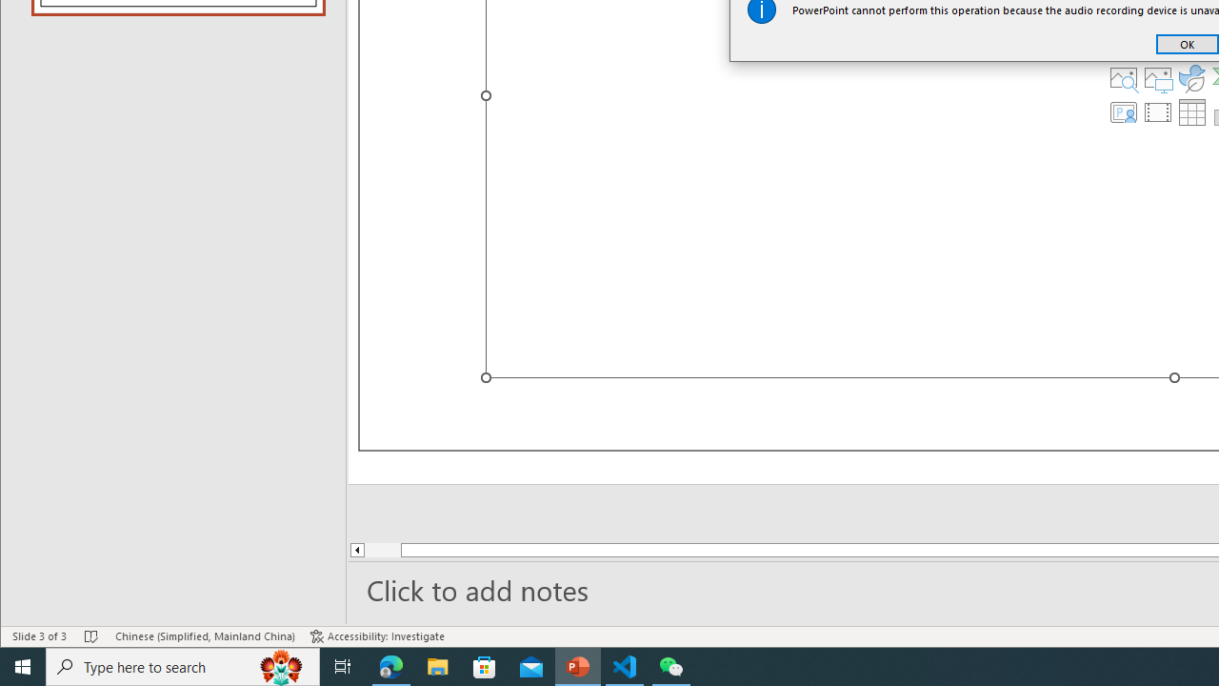 This screenshot has width=1219, height=686. Describe the element at coordinates (1123, 112) in the screenshot. I see `'Insert Cameo'` at that location.